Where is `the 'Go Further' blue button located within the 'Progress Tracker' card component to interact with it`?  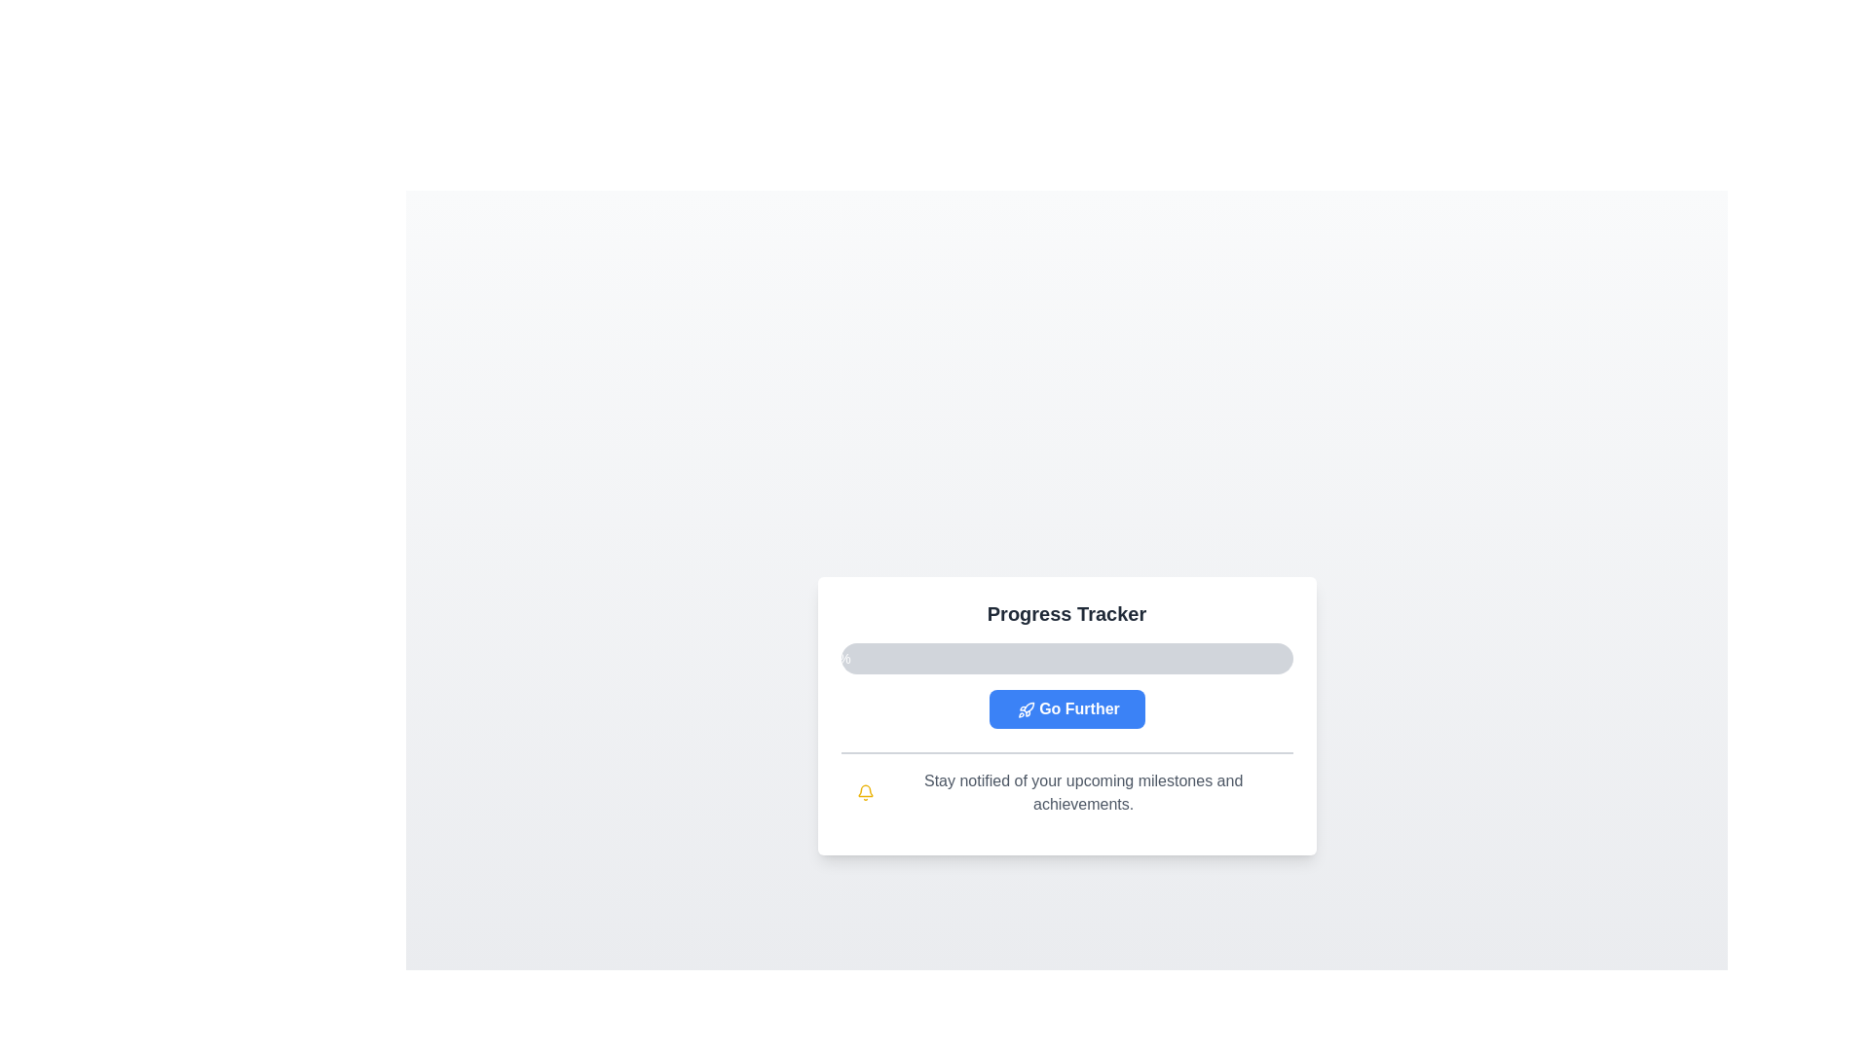 the 'Go Further' blue button located within the 'Progress Tracker' card component to interact with it is located at coordinates (1066, 716).